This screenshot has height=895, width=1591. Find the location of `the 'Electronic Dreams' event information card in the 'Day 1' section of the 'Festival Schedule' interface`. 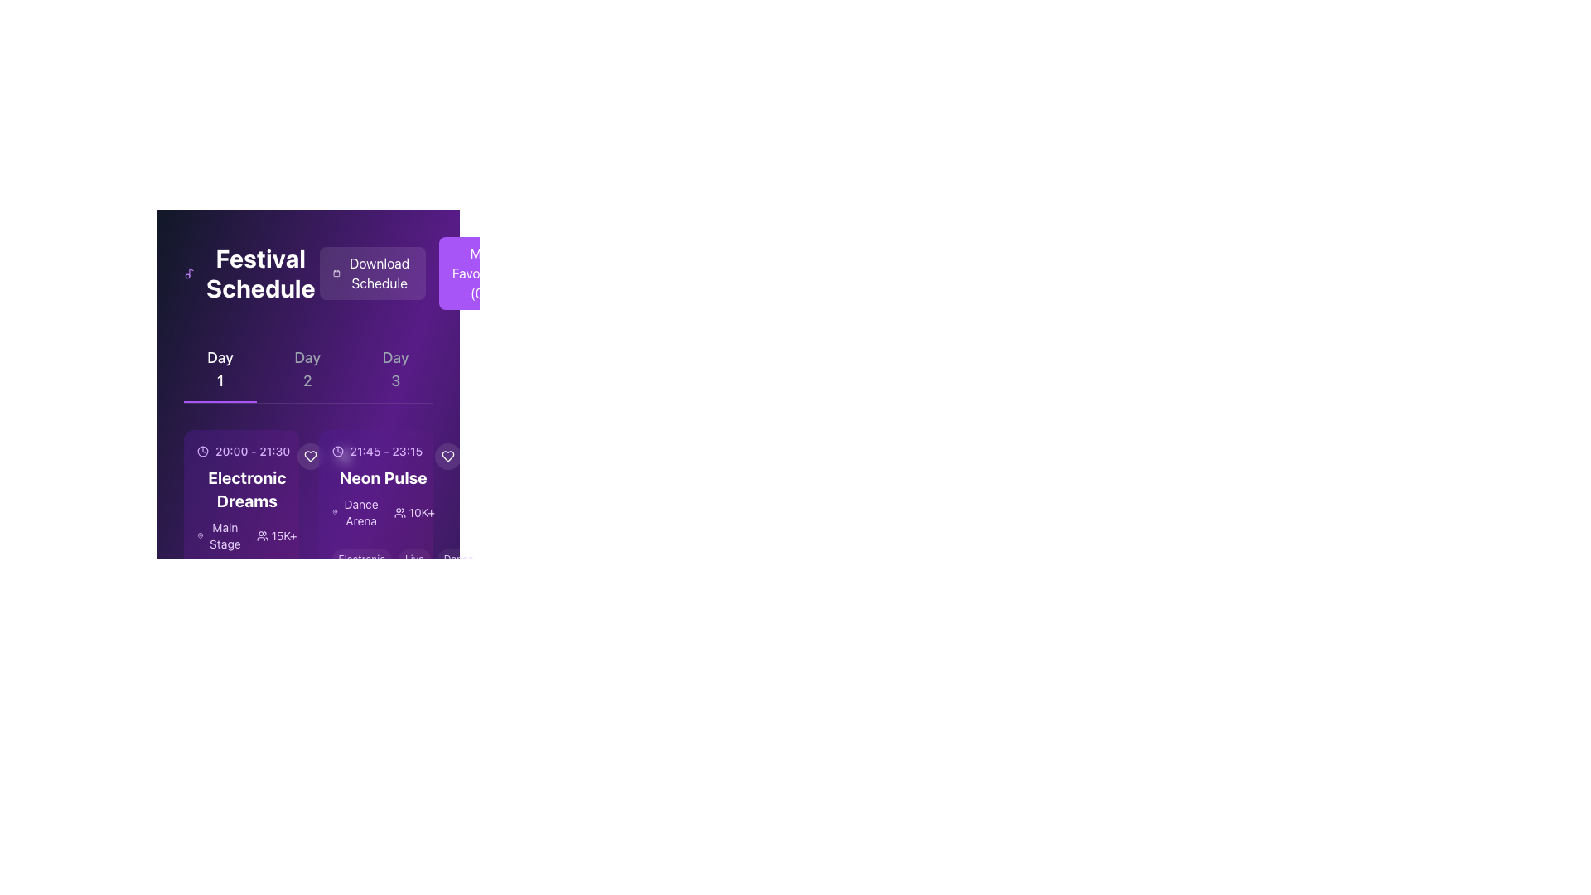

the 'Electronic Dreams' event information card in the 'Day 1' section of the 'Festival Schedule' interface is located at coordinates (246, 497).